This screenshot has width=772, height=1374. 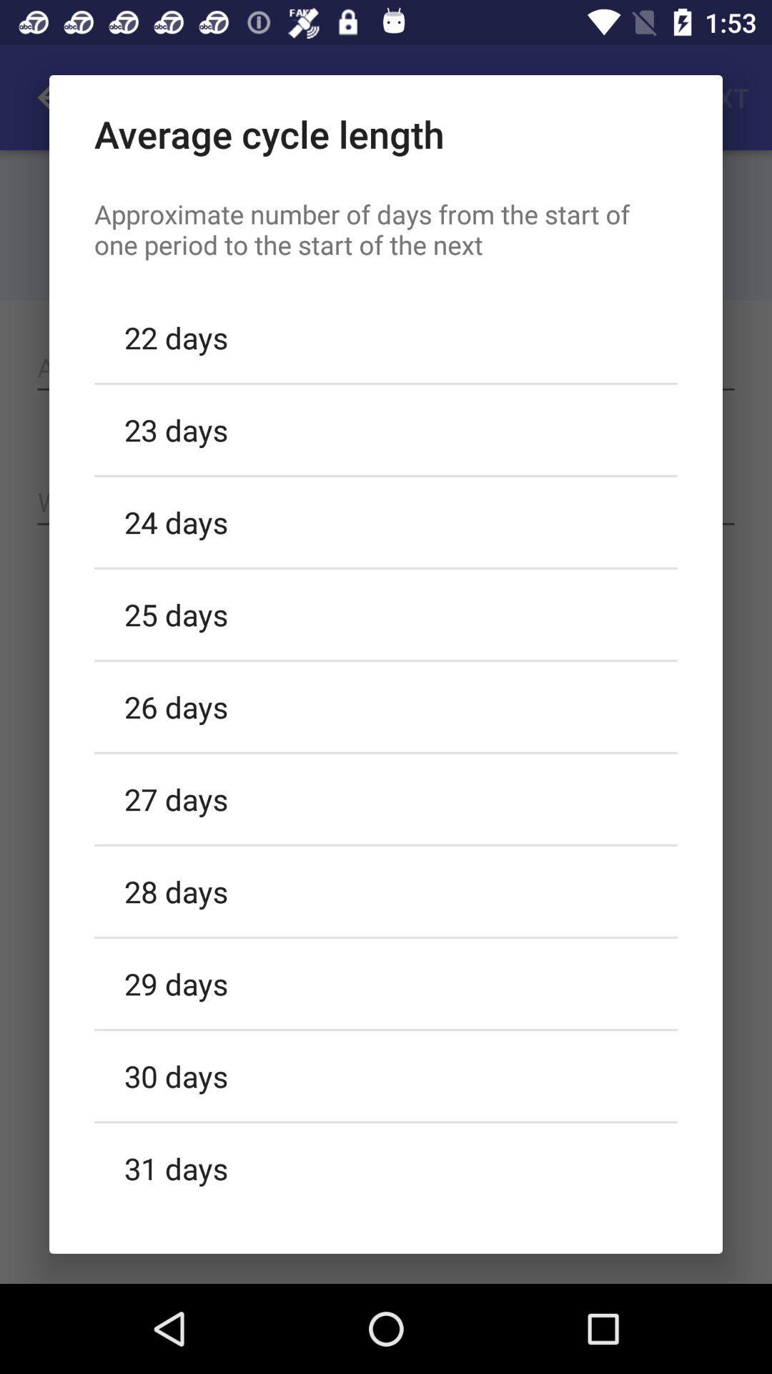 I want to click on 27 days, so click(x=386, y=798).